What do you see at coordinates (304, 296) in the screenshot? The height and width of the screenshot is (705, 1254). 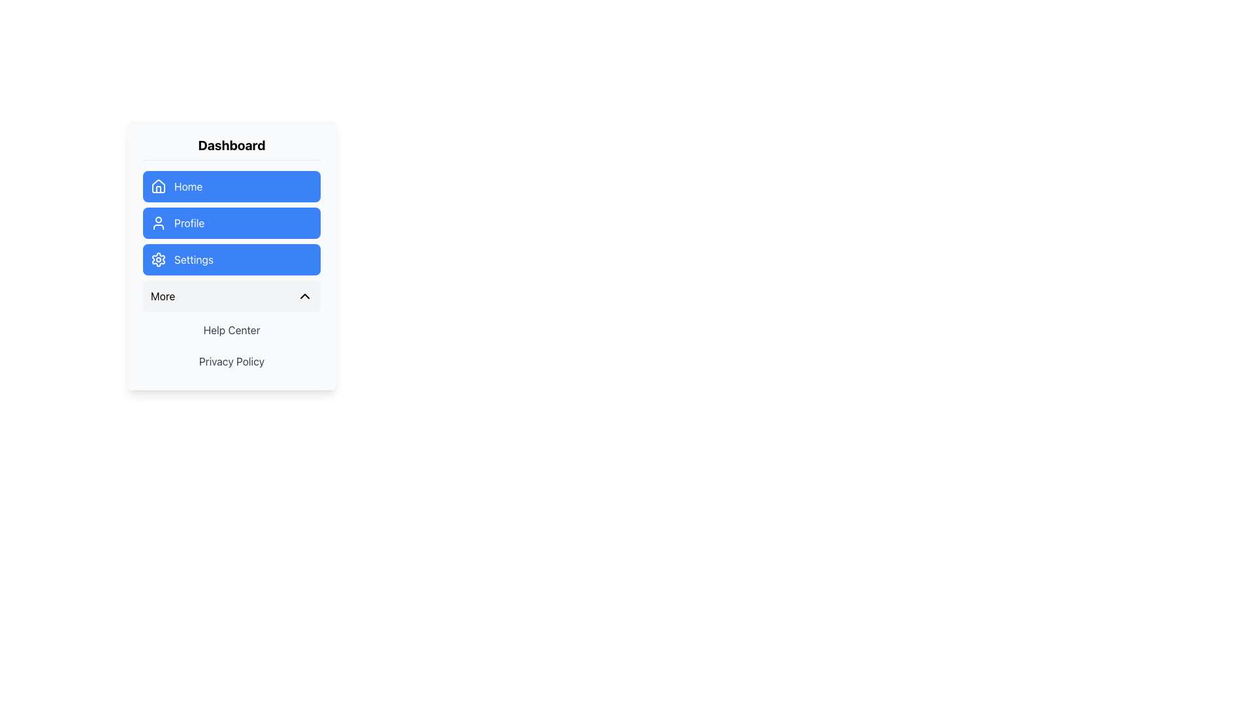 I see `the upward direction icon located at the far right of the 'More' button in the menu section` at bounding box center [304, 296].